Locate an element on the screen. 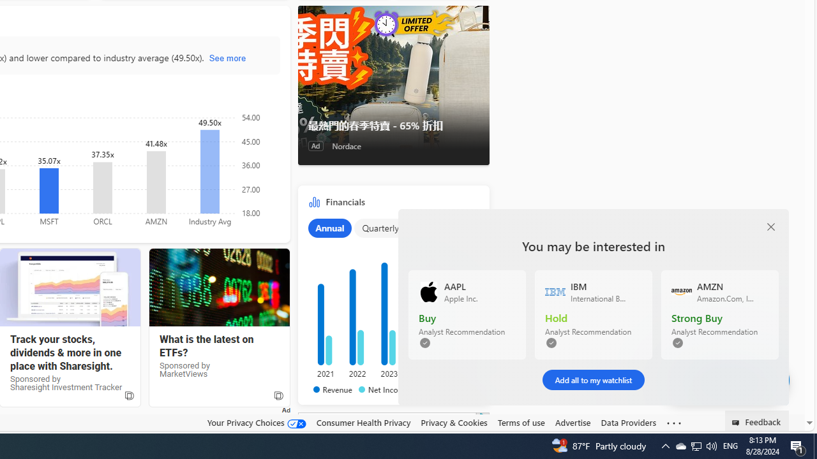 The height and width of the screenshot is (459, 817). 'Class: chartSvg' is located at coordinates (390, 305).